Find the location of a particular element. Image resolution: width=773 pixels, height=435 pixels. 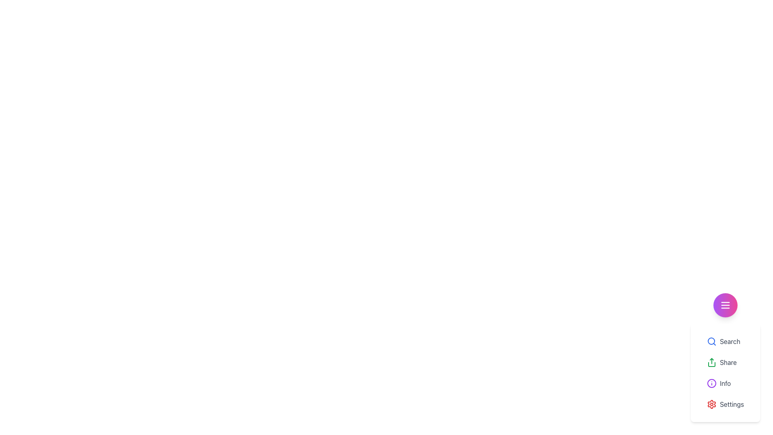

the 'Search' button located at the top of the vertical menu containing options: 'Search', 'Share', 'Info', and 'Settings' is located at coordinates (725, 342).